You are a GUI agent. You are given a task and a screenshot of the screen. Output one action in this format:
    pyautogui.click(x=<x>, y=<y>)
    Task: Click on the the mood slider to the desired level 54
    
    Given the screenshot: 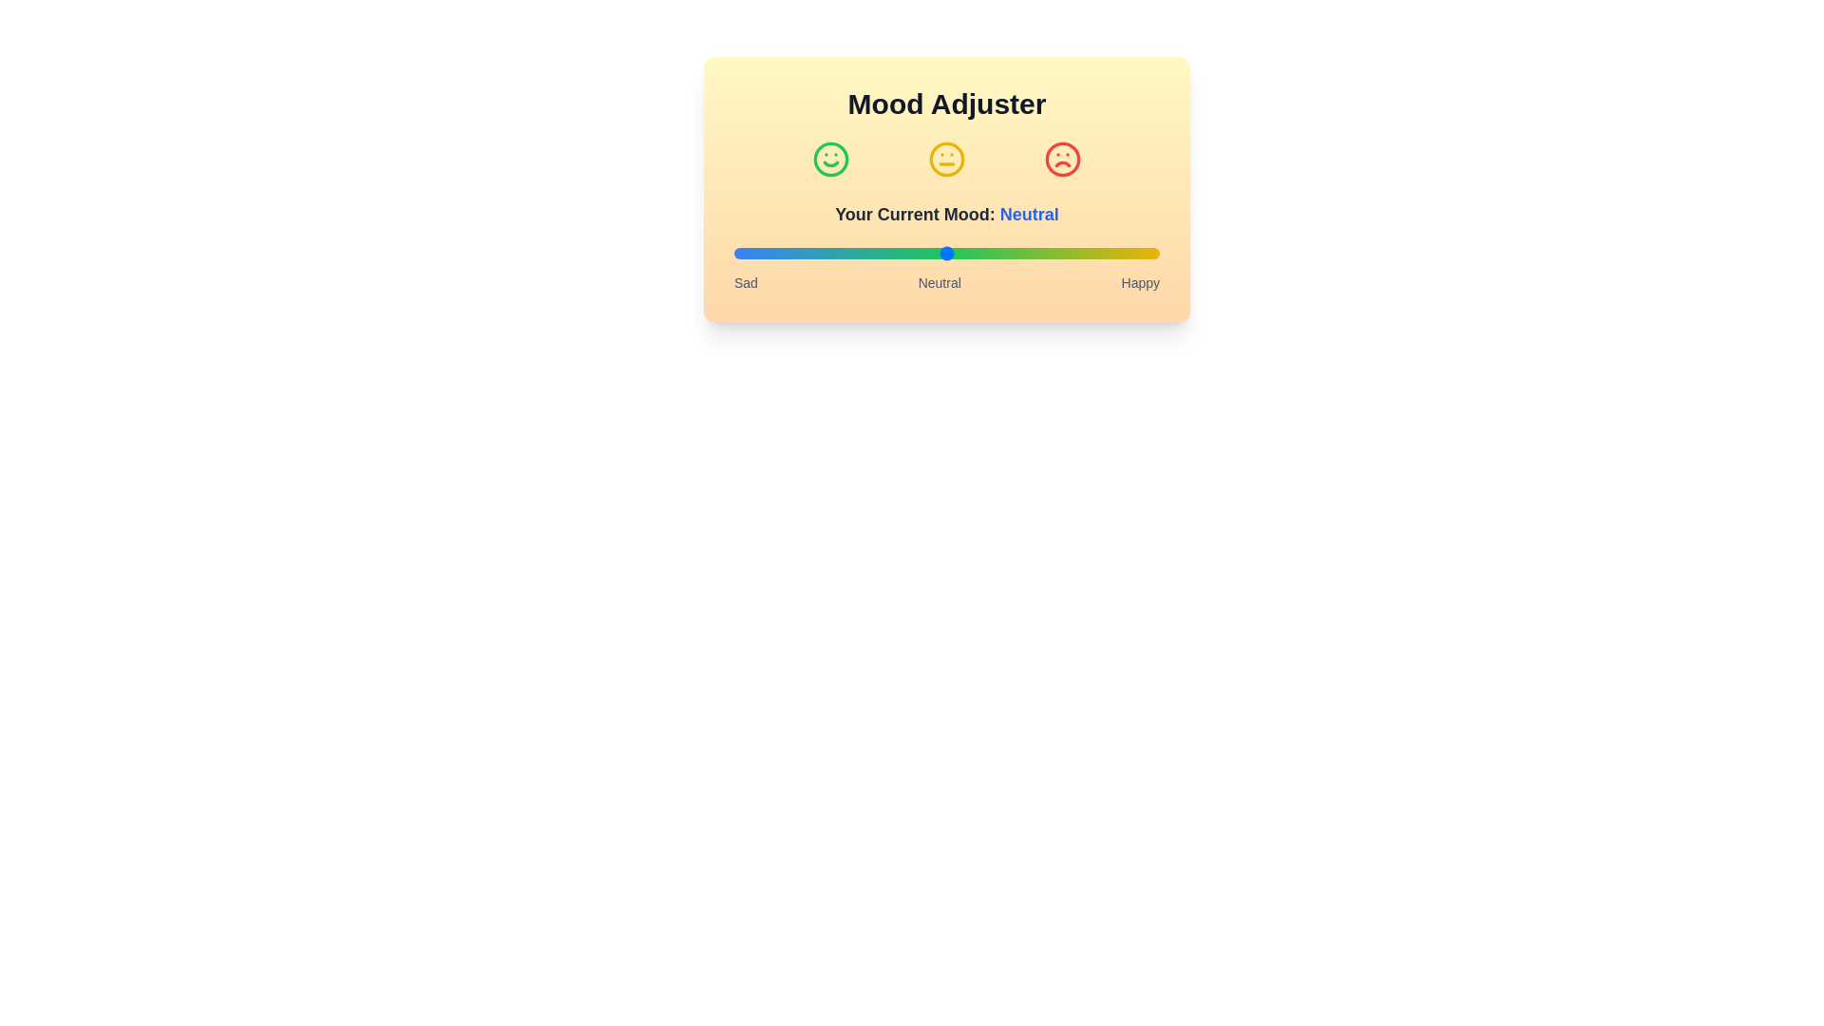 What is the action you would take?
    pyautogui.click(x=963, y=252)
    